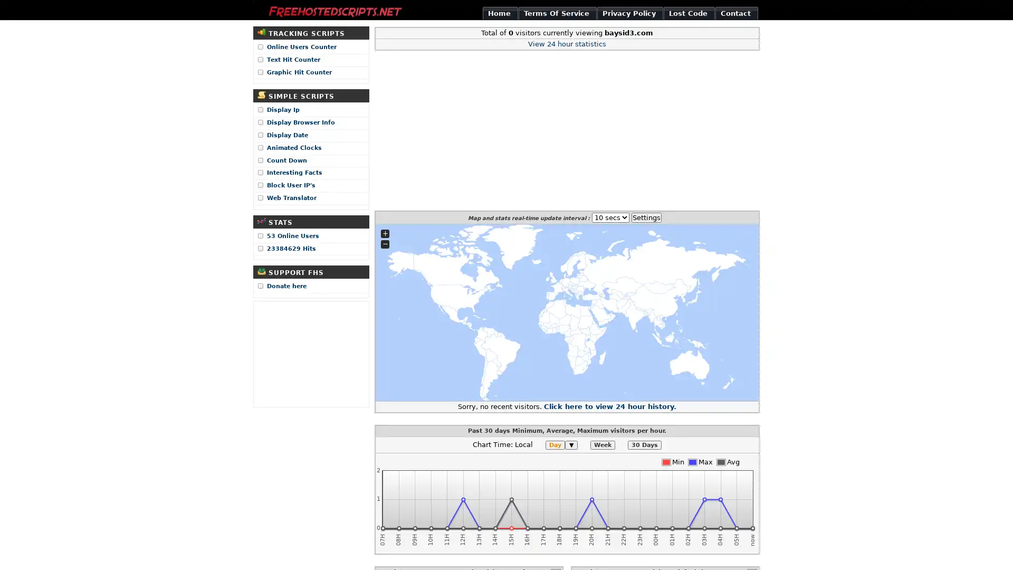  Describe the element at coordinates (645, 216) in the screenshot. I see `Settings` at that location.